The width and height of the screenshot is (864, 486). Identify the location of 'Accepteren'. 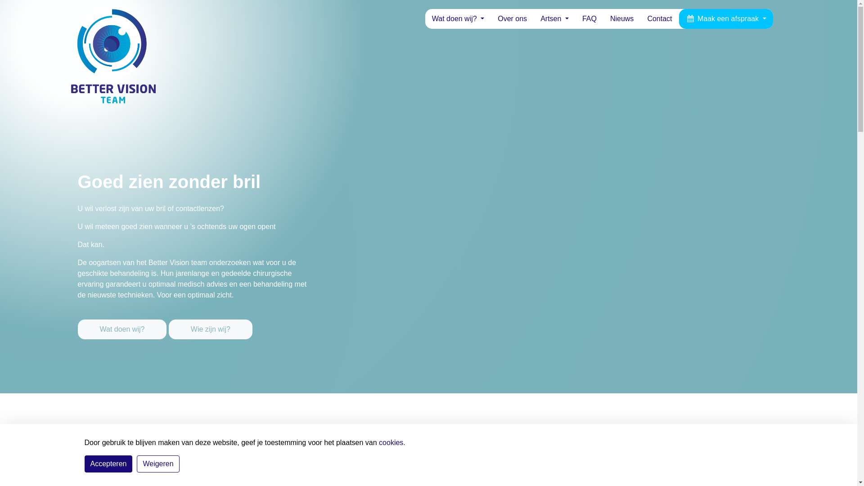
(108, 463).